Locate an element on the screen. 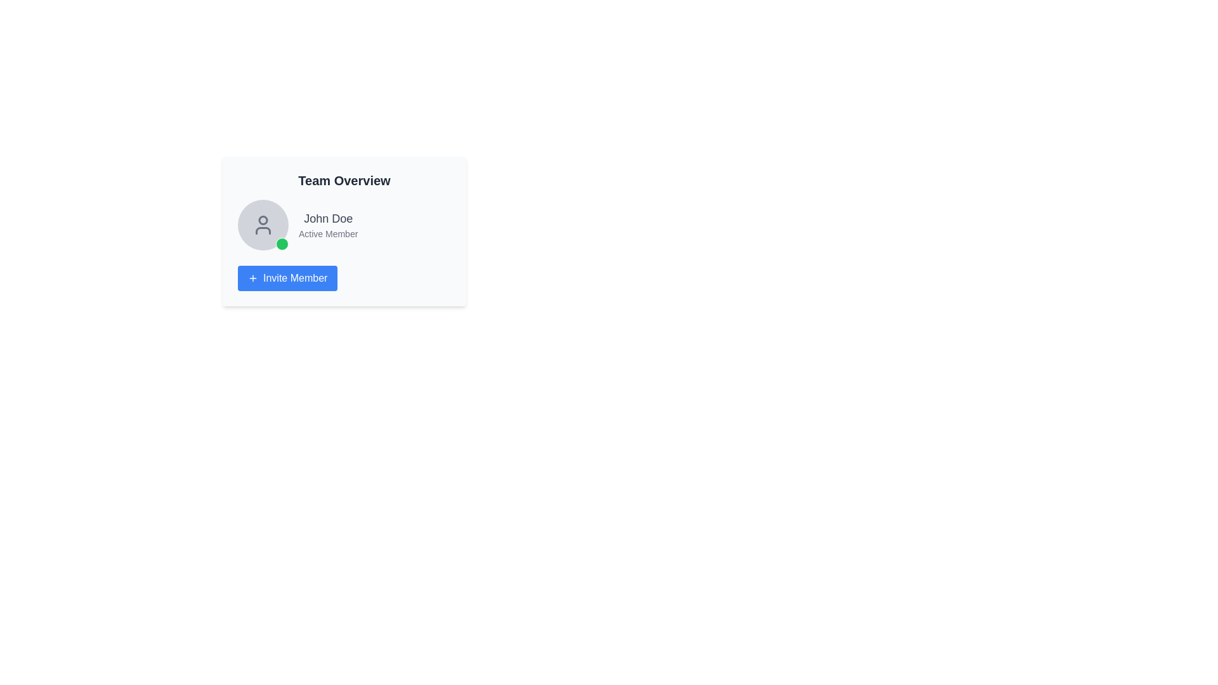 This screenshot has width=1218, height=685. the decorative icon for inviting members located to the left of the text within the 'Invite Member' button, which is centered in the content box is located at coordinates (252, 278).